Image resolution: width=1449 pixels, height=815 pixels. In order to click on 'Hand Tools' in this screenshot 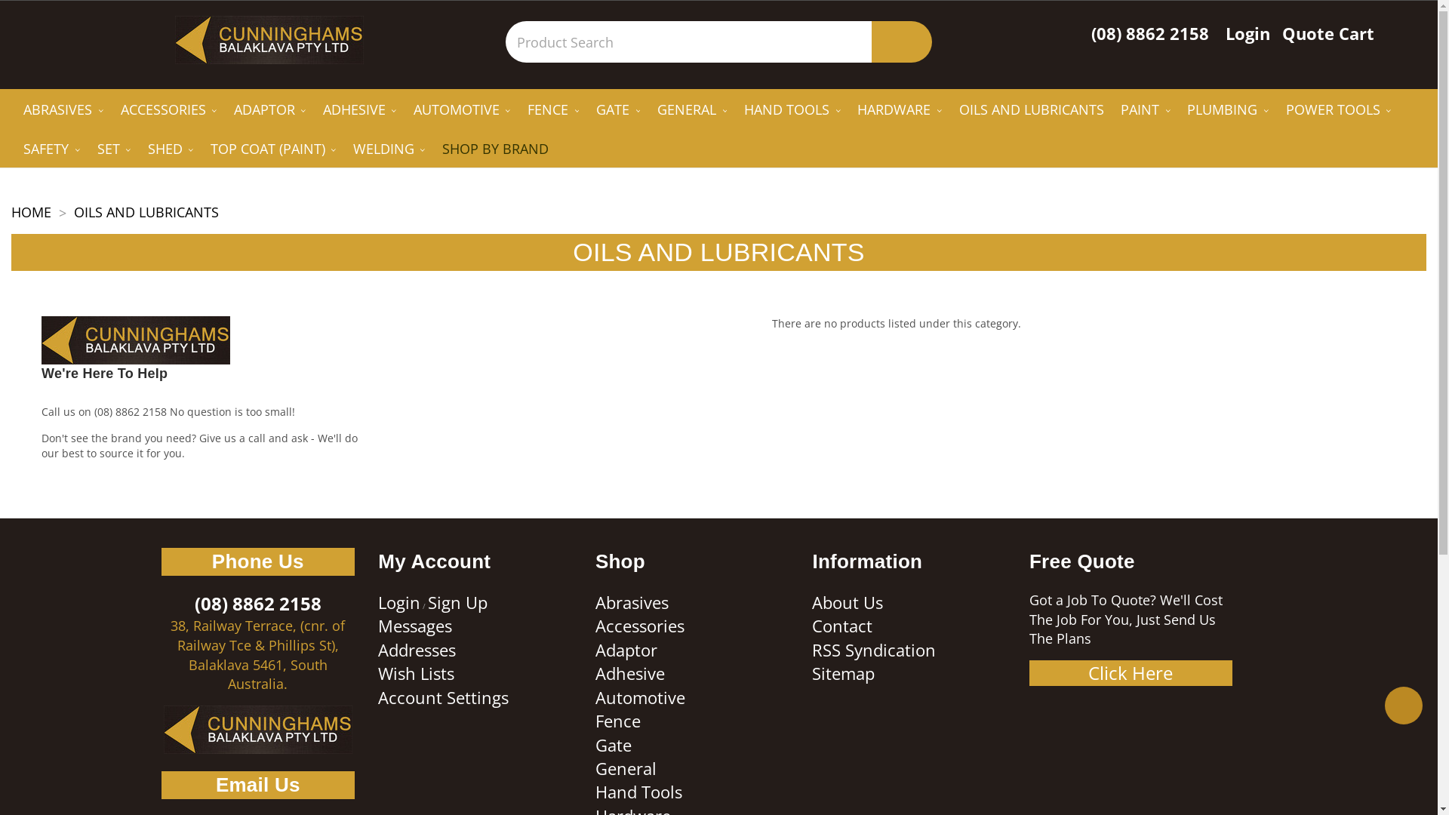, I will do `click(638, 791)`.